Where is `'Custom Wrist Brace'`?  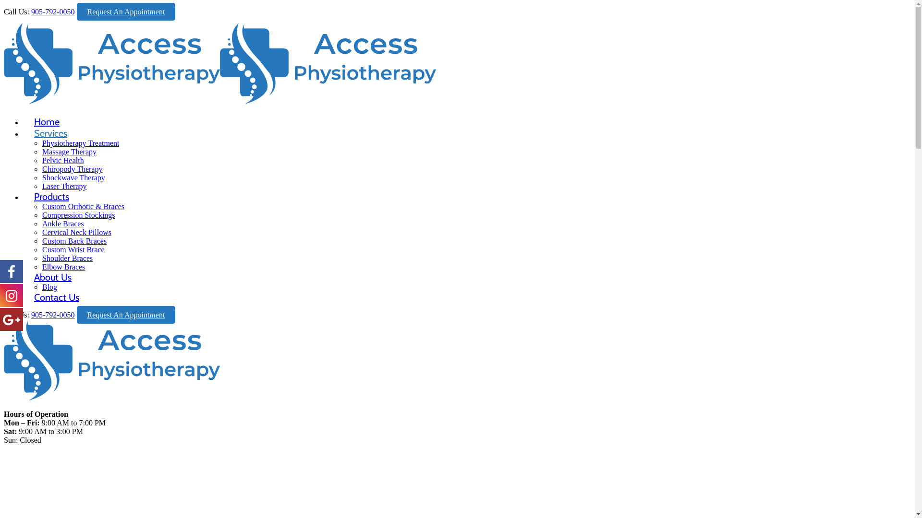 'Custom Wrist Brace' is located at coordinates (73, 249).